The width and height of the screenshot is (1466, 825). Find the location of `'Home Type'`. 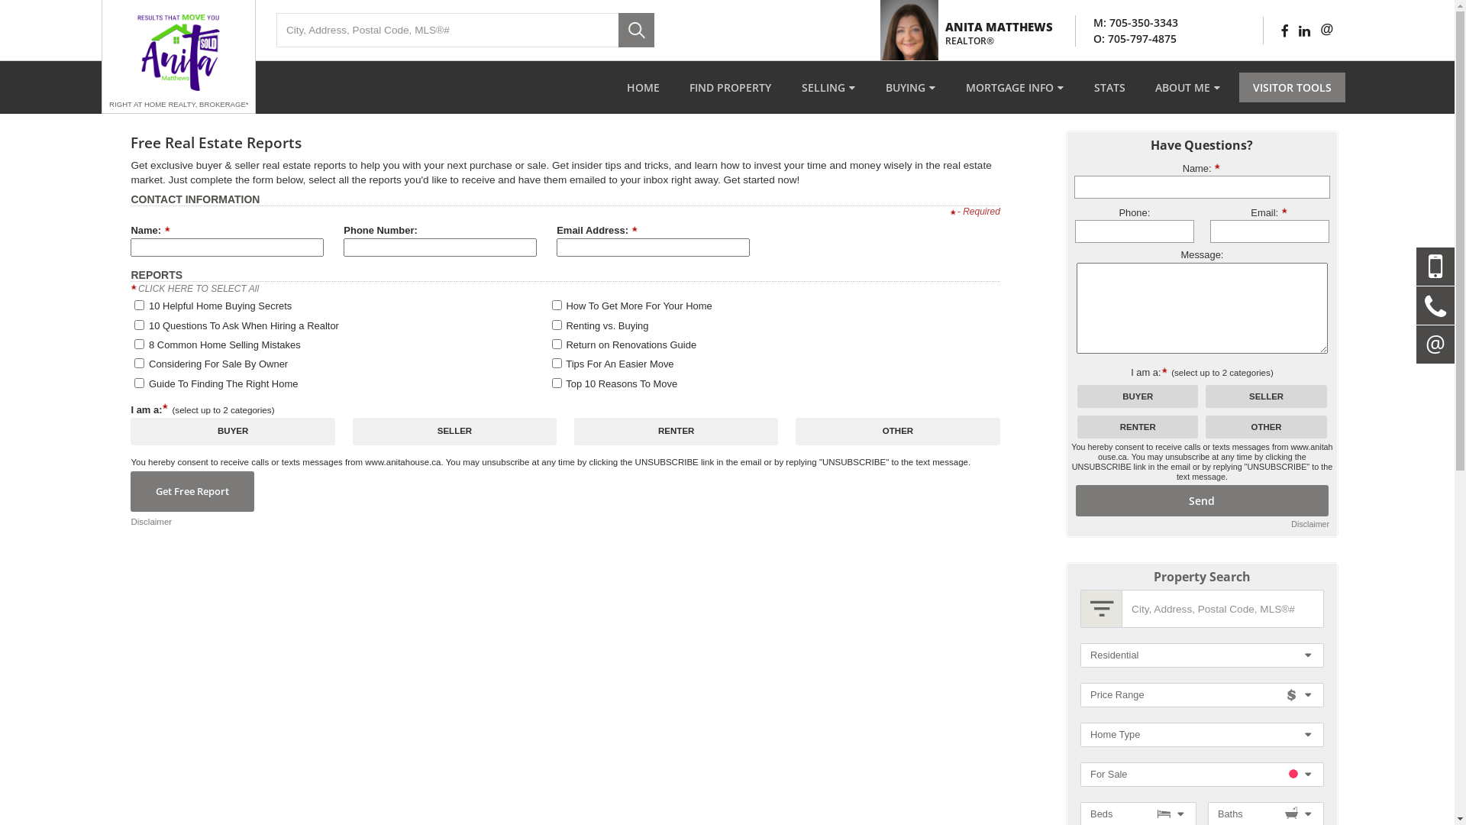

'Home Type' is located at coordinates (1201, 733).